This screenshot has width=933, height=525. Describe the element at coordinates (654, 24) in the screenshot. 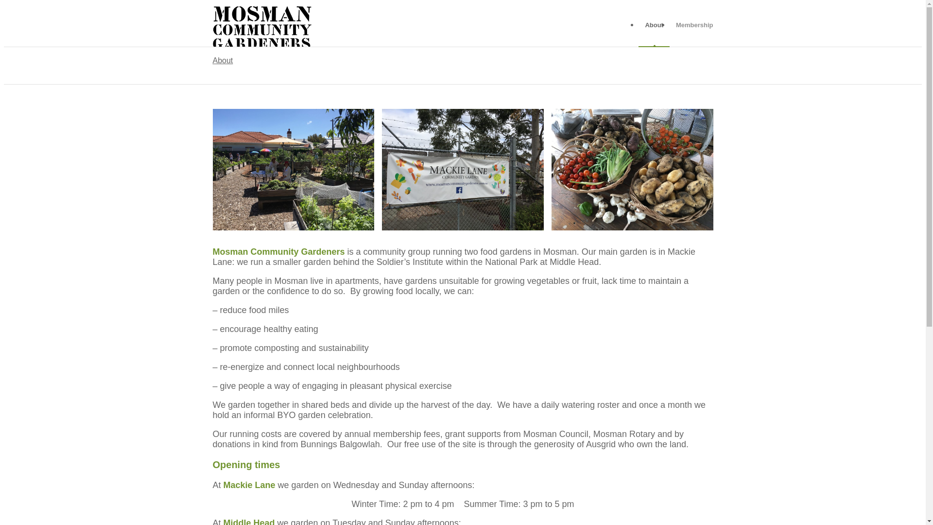

I see `'About'` at that location.